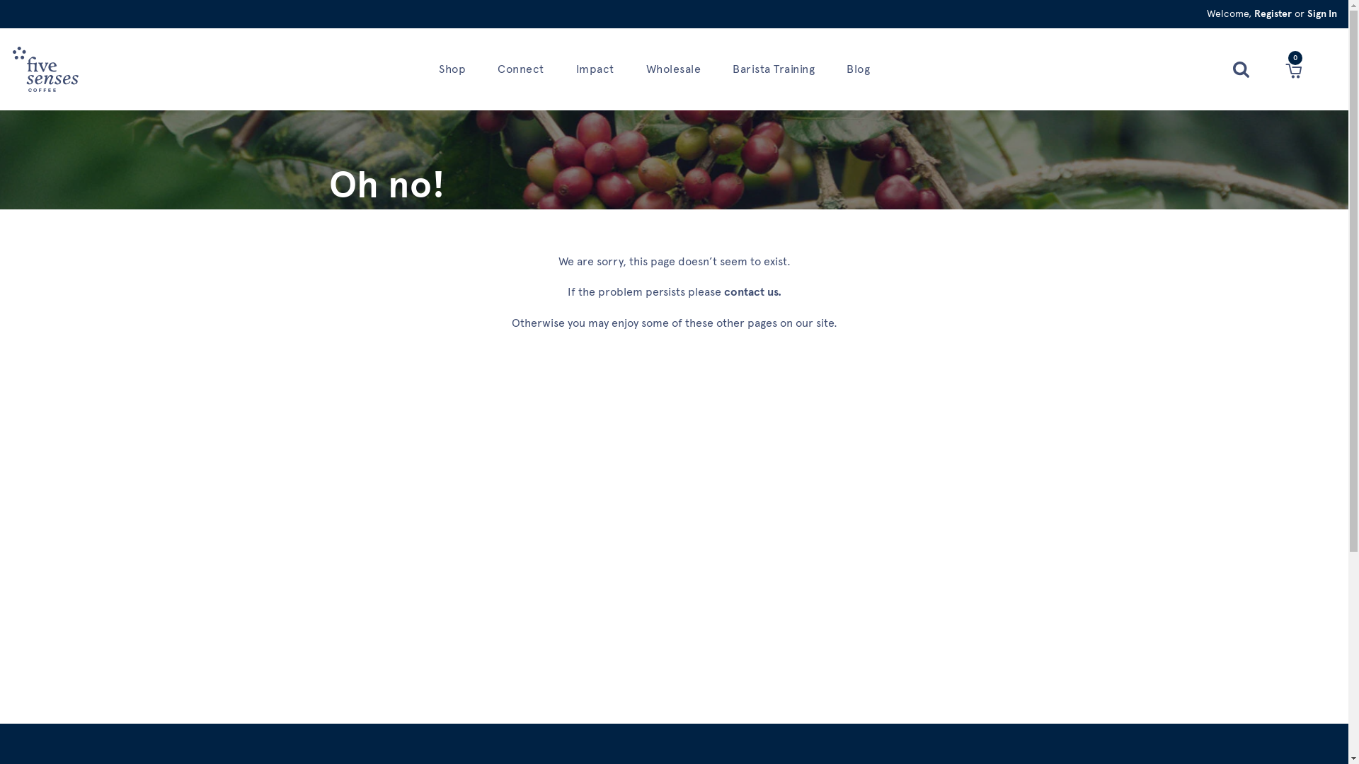 The image size is (1359, 764). What do you see at coordinates (1321, 13) in the screenshot?
I see `'Sign In'` at bounding box center [1321, 13].